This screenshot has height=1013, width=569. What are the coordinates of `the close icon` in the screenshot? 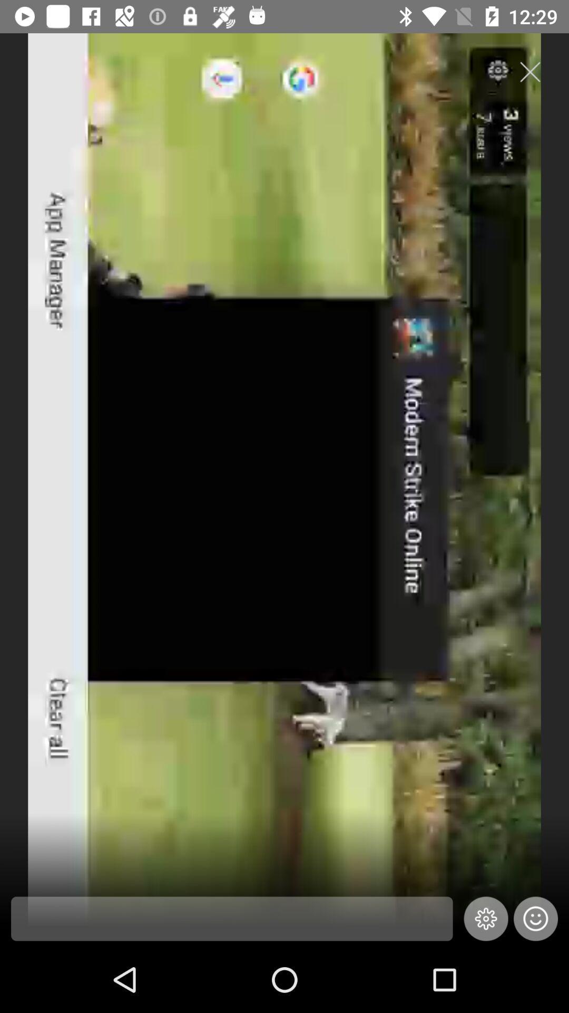 It's located at (530, 71).